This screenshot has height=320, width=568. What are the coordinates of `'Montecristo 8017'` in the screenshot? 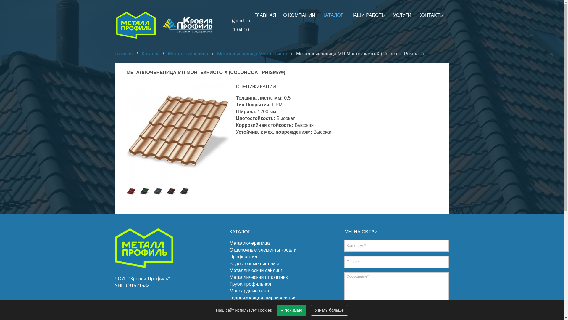 It's located at (166, 191).